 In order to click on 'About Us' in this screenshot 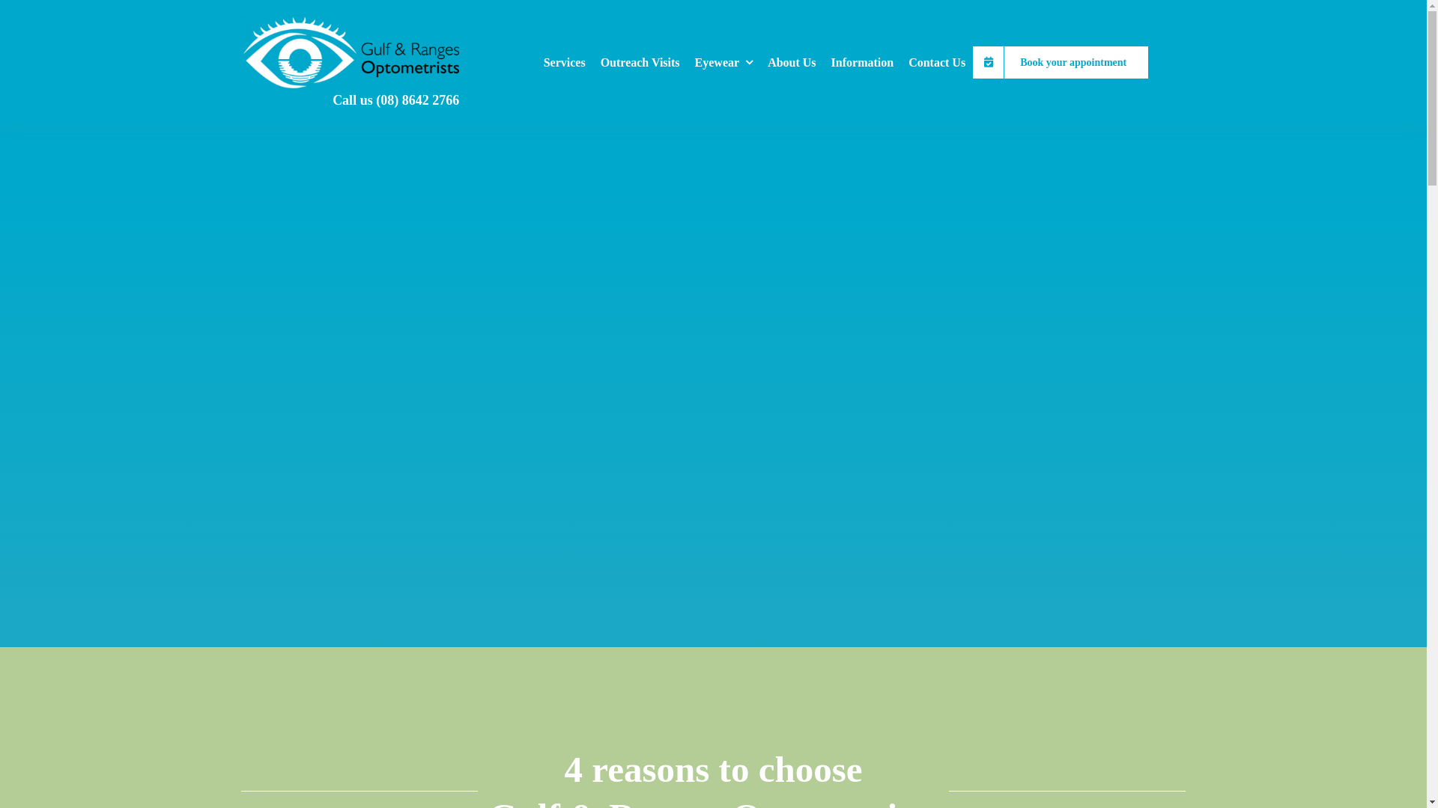, I will do `click(790, 61)`.